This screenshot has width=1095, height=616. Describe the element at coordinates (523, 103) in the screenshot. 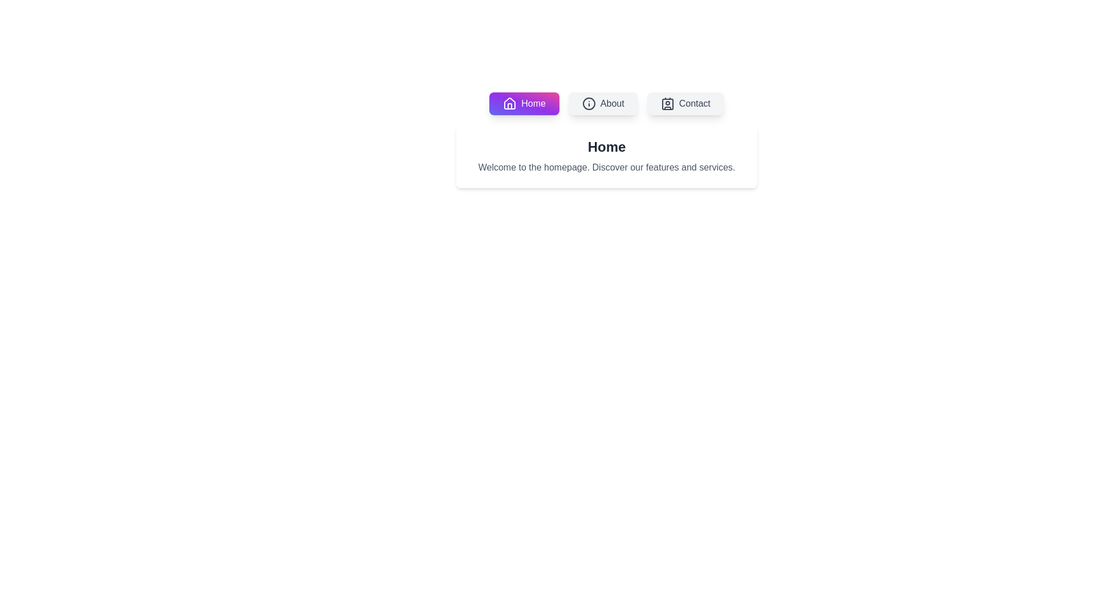

I see `the 'Home' tab to view its content` at that location.